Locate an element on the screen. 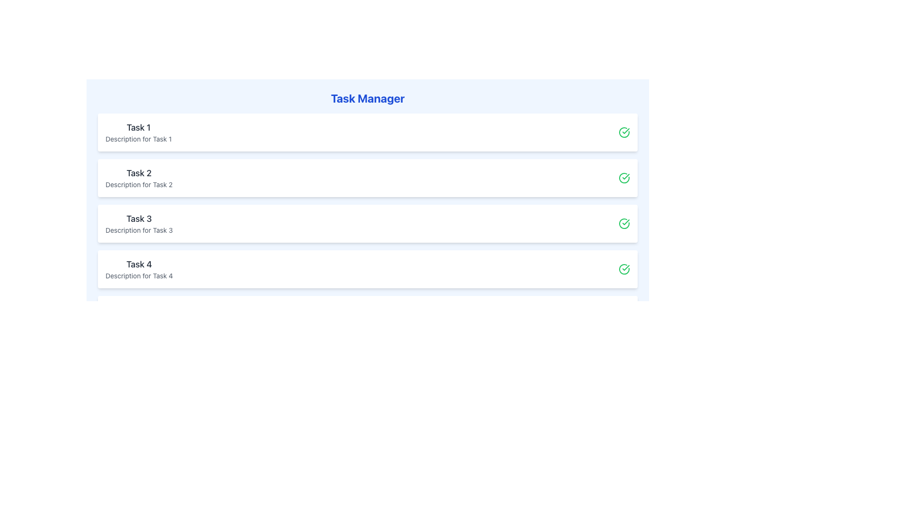 This screenshot has height=513, width=913. the title text label of the third task in the list, which is positioned at the top of the corresponding task card is located at coordinates (138, 219).